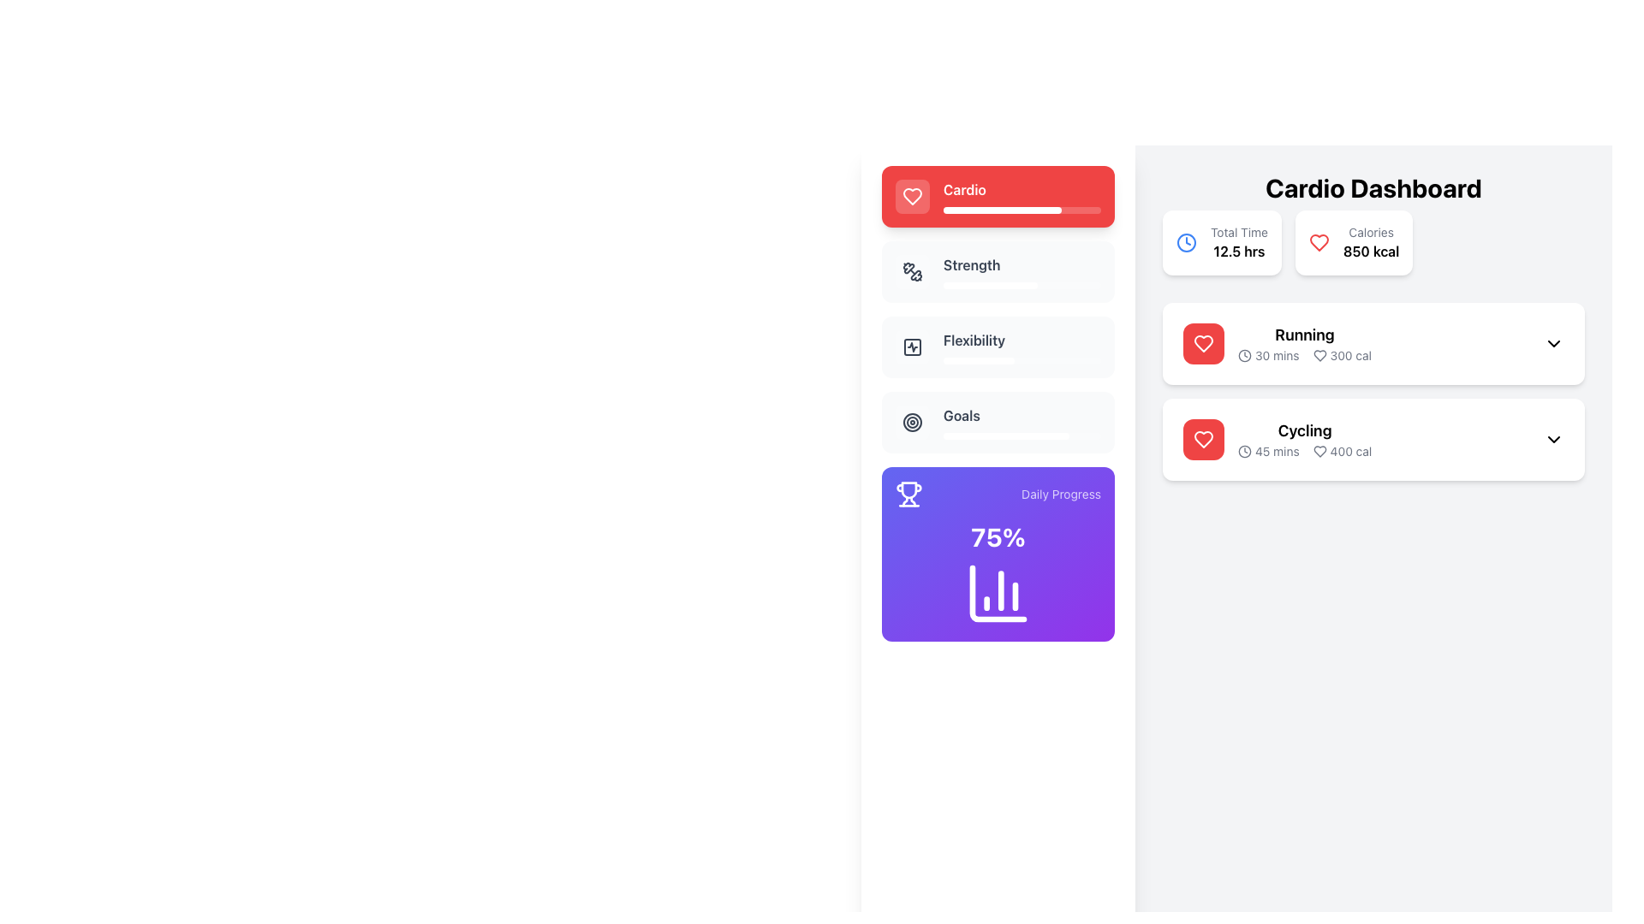  Describe the element at coordinates (1318, 243) in the screenshot. I see `the heart icon in the Cardio Dashboard section, which represents health or favorite categories, located to the left of the 'Running' item` at that location.